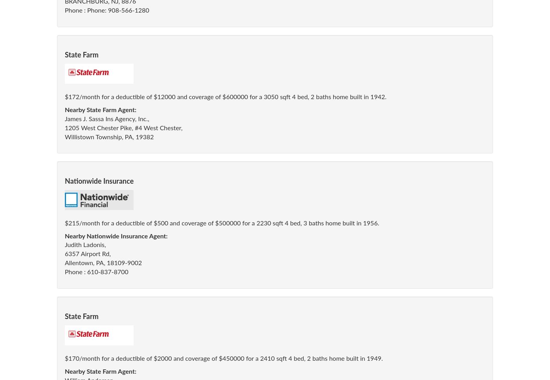  What do you see at coordinates (107, 10) in the screenshot?
I see `'Phone : Phone: 908-566-1280'` at bounding box center [107, 10].